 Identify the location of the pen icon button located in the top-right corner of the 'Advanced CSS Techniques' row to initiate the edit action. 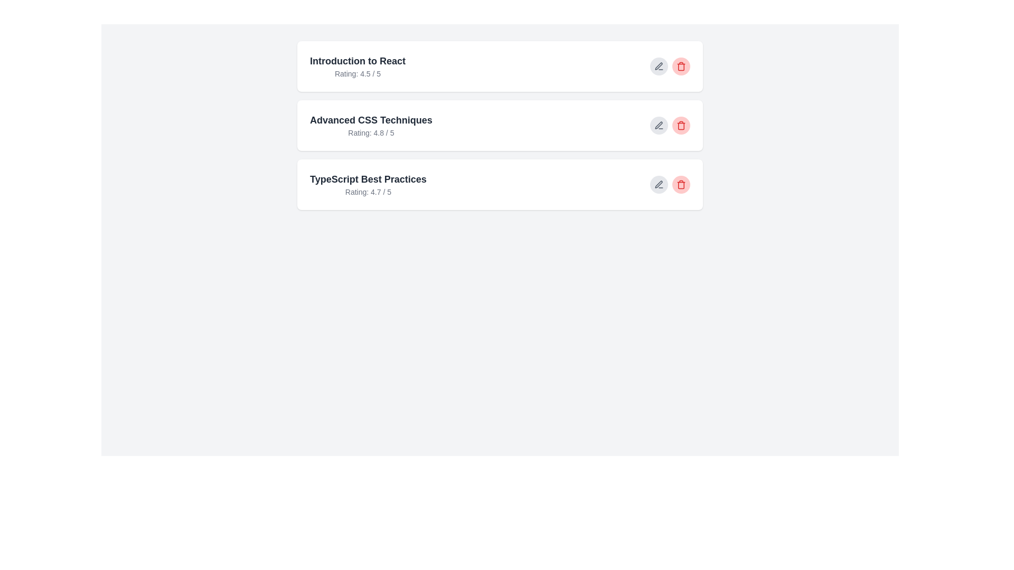
(659, 125).